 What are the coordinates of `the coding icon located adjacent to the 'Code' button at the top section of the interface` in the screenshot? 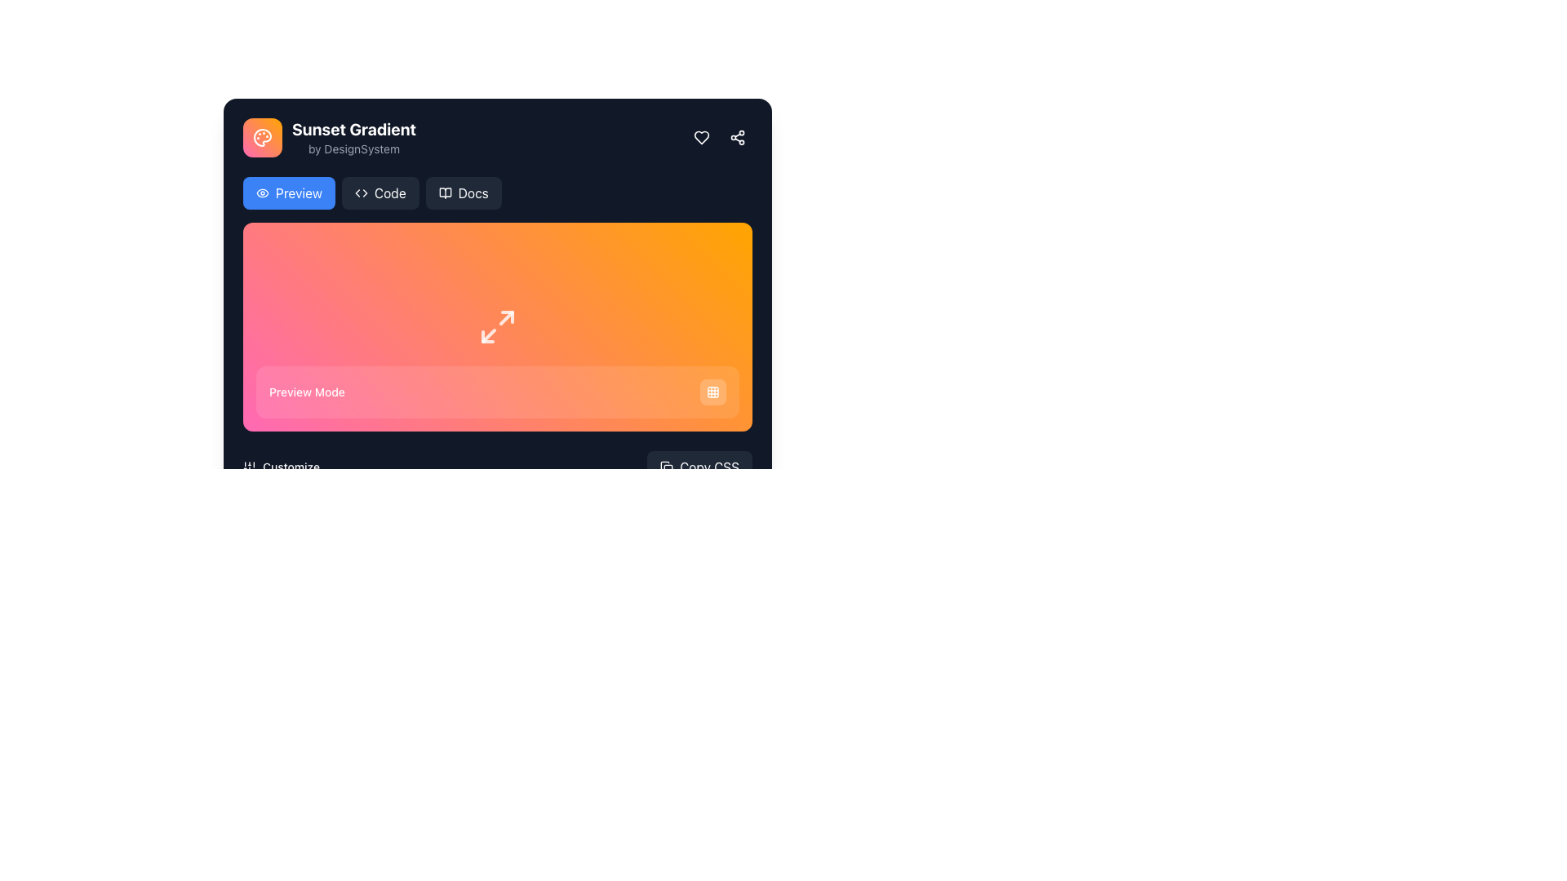 It's located at (360, 192).